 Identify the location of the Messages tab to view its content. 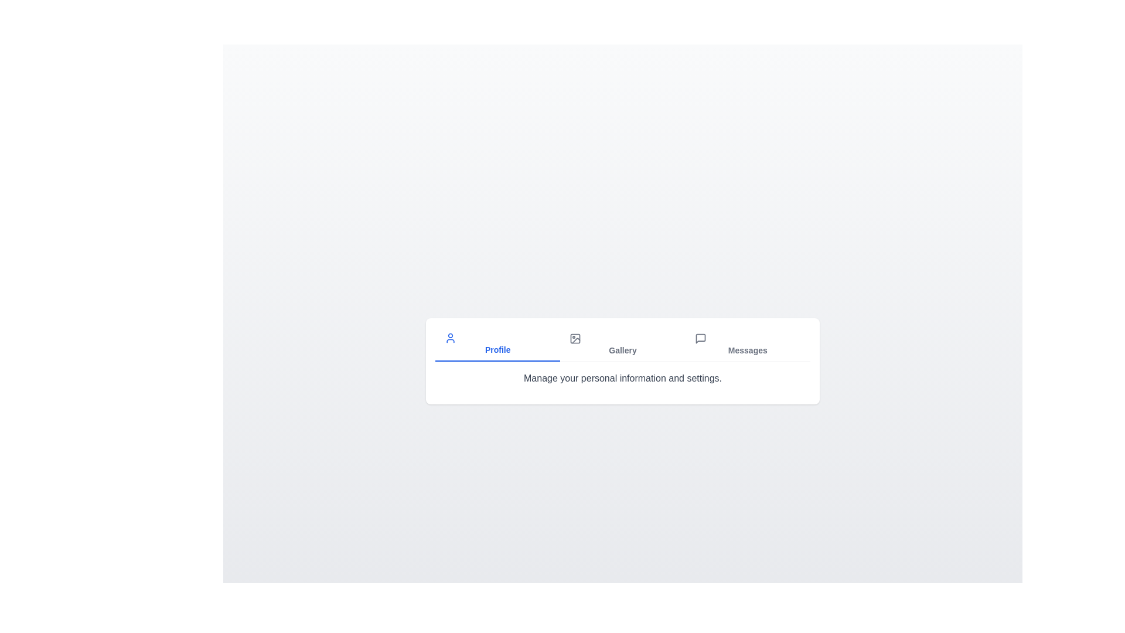
(747, 343).